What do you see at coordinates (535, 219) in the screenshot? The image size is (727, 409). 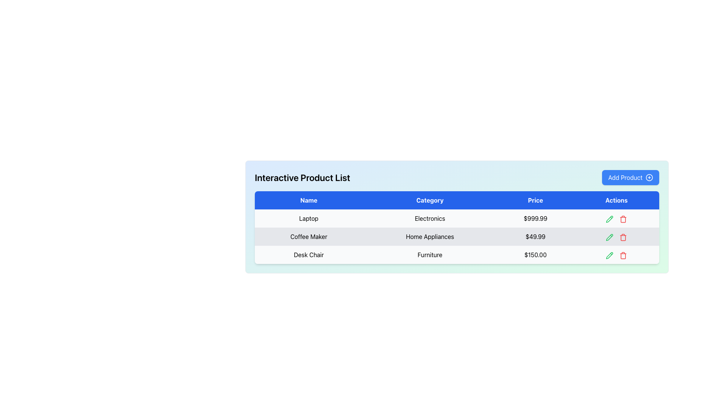 I see `the text component displaying the value '$999.99' in the 'Price' column of the table for 'Laptop' and 'Electronics'` at bounding box center [535, 219].